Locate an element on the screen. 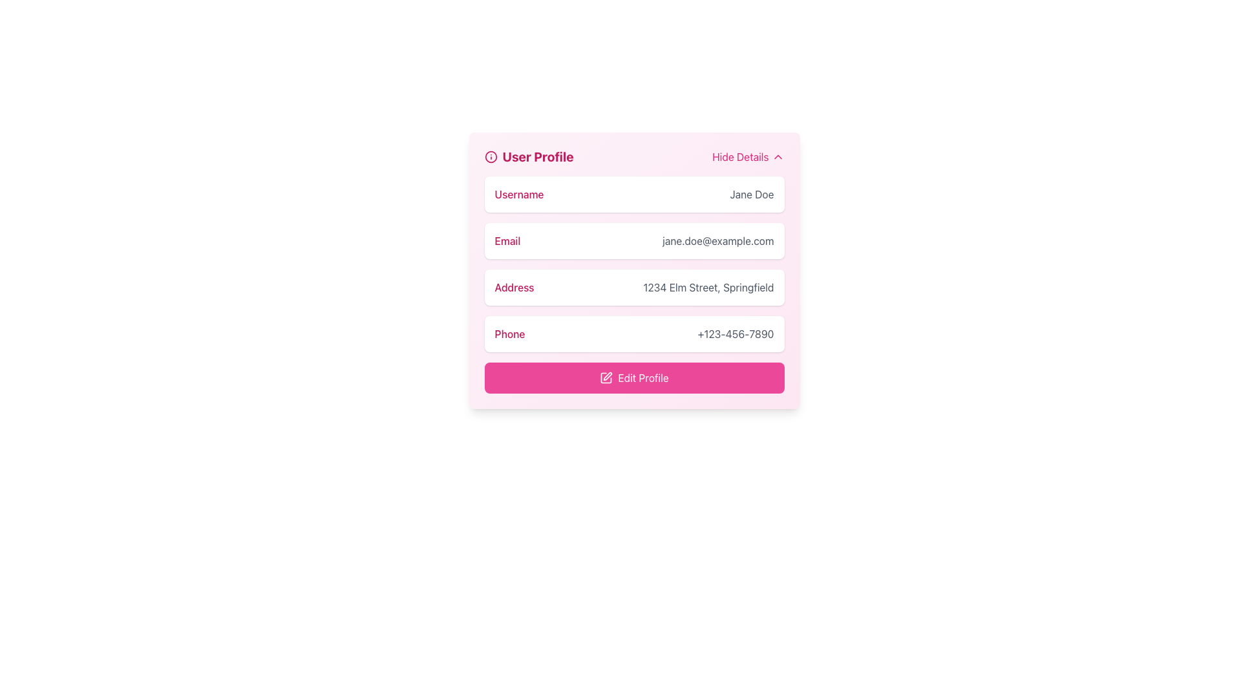 Image resolution: width=1241 pixels, height=698 pixels. the toggle button in the top-right corner of the 'User Profile' header section to activate interactivity effects is located at coordinates (748, 156).